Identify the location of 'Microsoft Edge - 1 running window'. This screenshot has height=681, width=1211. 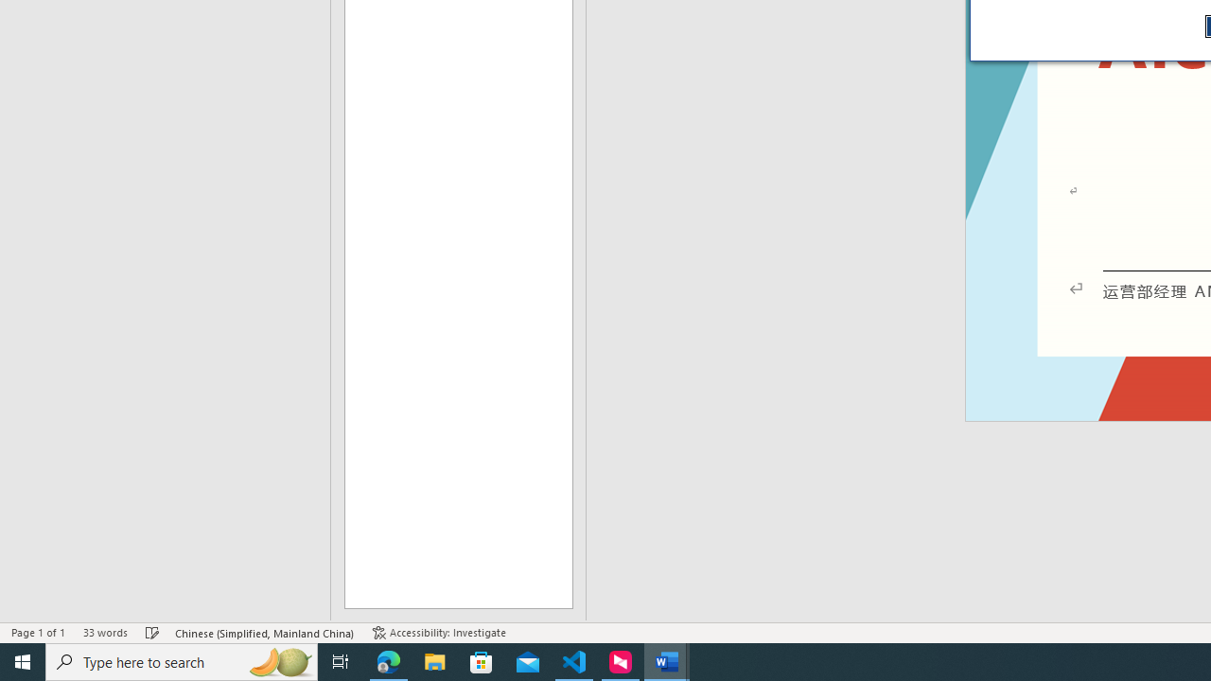
(388, 660).